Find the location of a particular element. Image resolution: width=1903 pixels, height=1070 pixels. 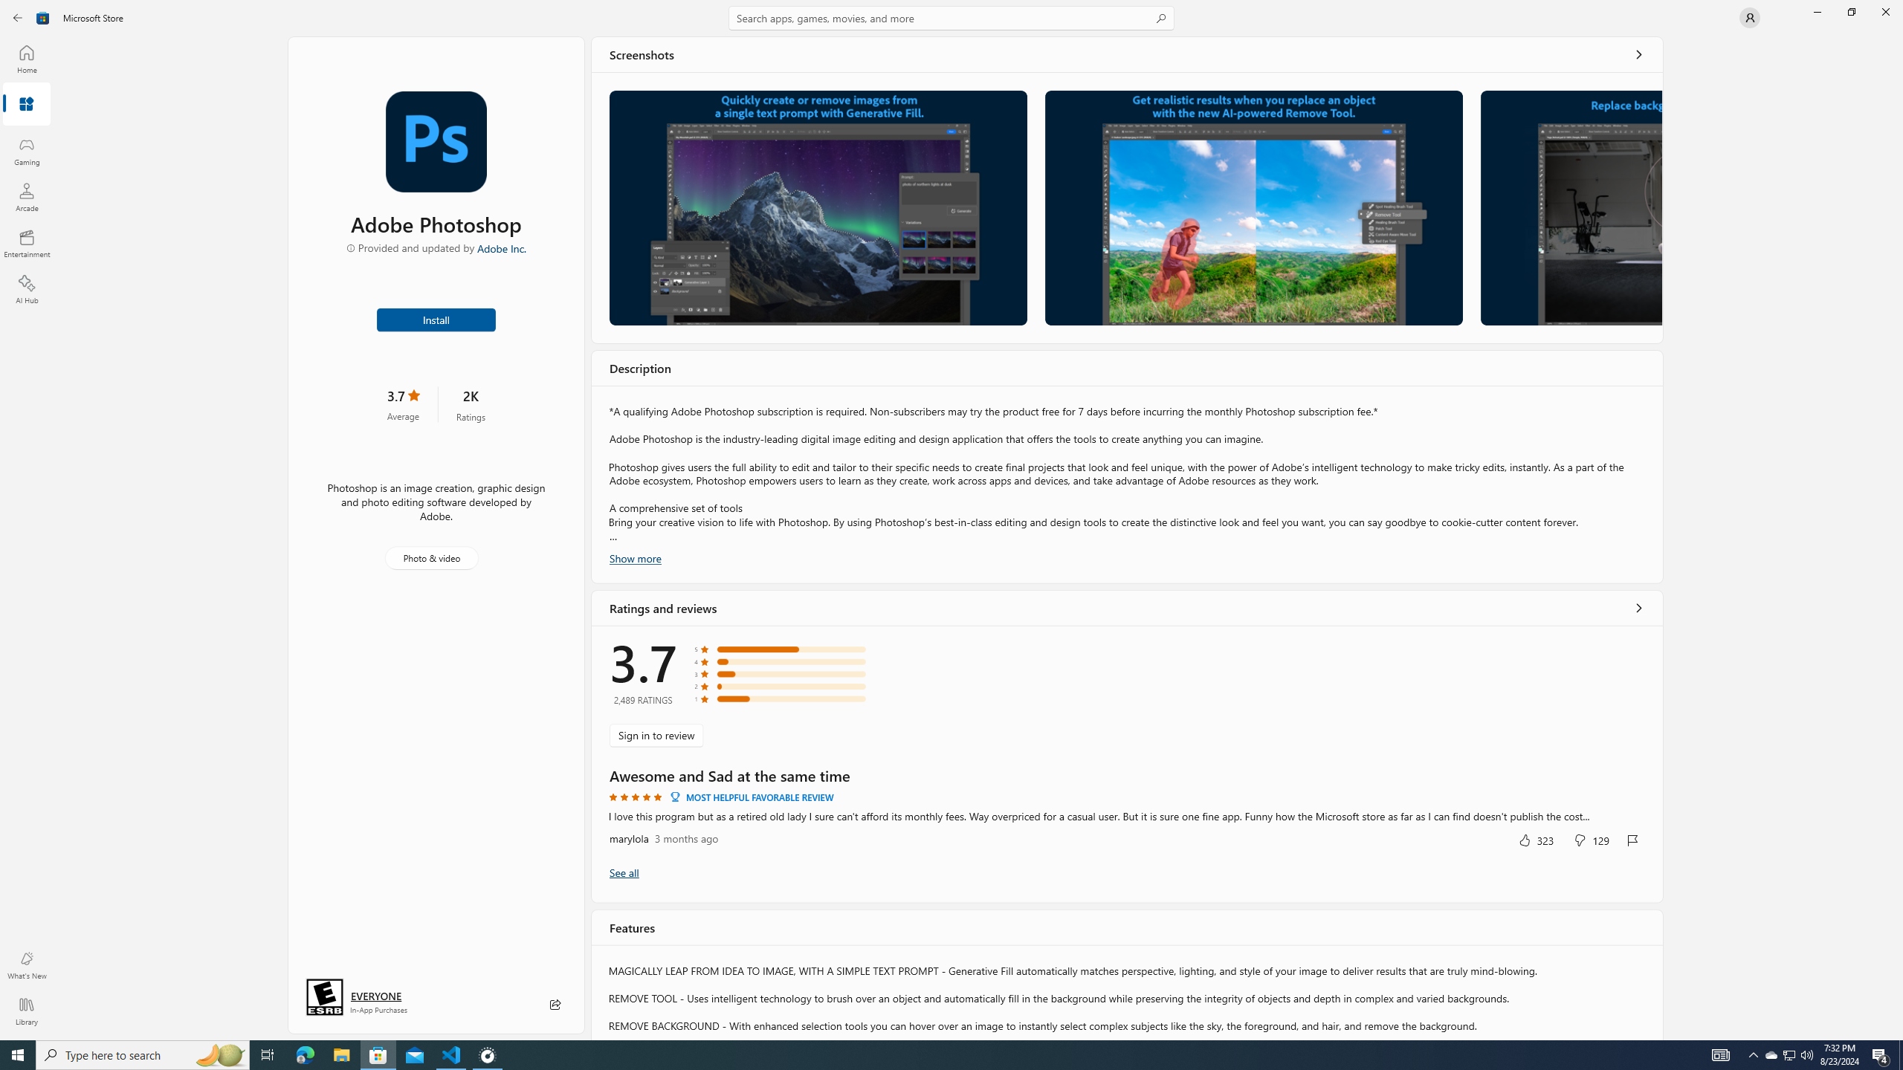

'Photo & video' is located at coordinates (430, 557).